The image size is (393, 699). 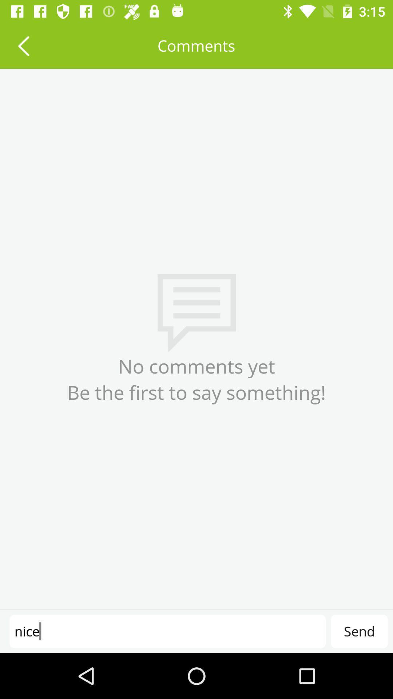 What do you see at coordinates (23, 45) in the screenshot?
I see `the item next to comments icon` at bounding box center [23, 45].